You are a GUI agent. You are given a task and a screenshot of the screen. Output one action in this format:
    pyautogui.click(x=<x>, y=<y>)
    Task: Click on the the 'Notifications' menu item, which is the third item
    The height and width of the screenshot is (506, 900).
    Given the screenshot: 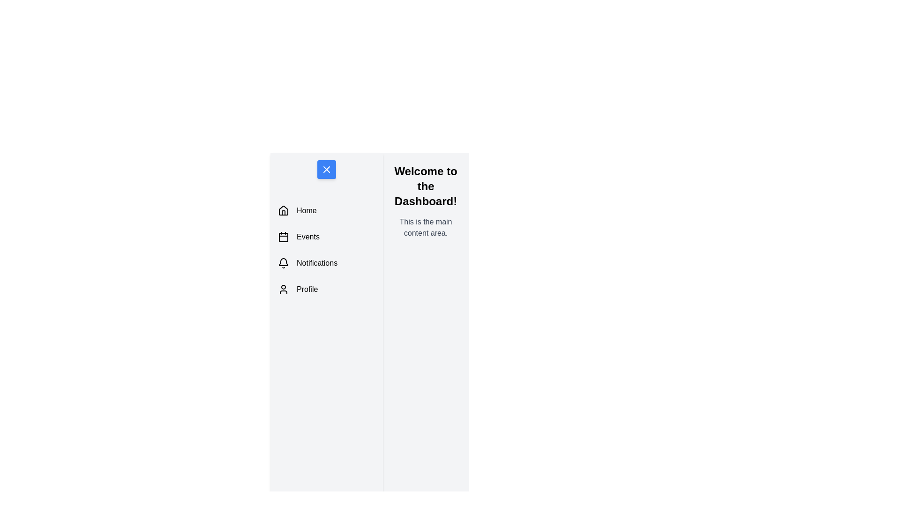 What is the action you would take?
    pyautogui.click(x=326, y=263)
    